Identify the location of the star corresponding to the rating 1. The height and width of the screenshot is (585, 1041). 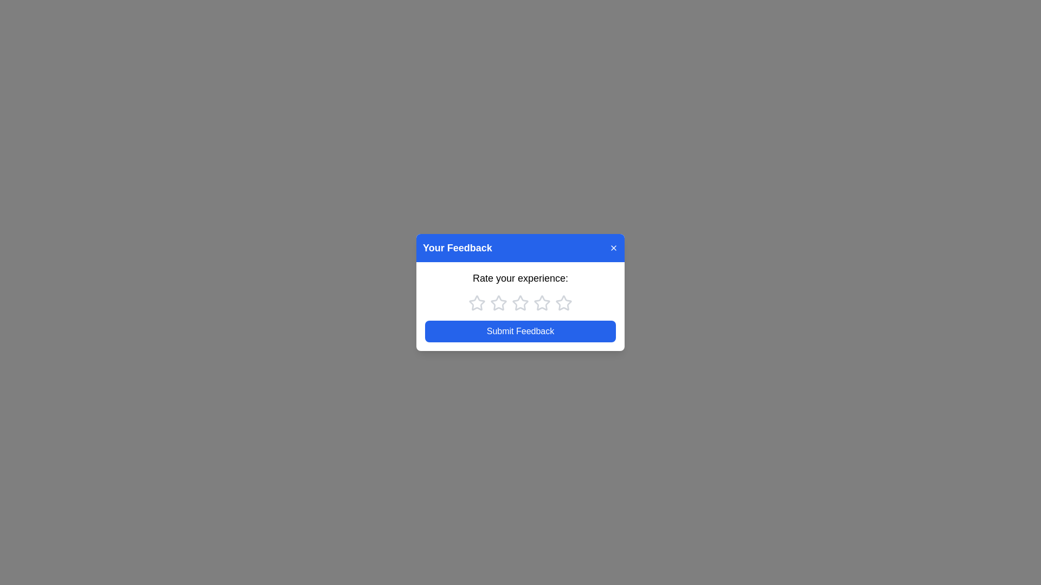
(477, 303).